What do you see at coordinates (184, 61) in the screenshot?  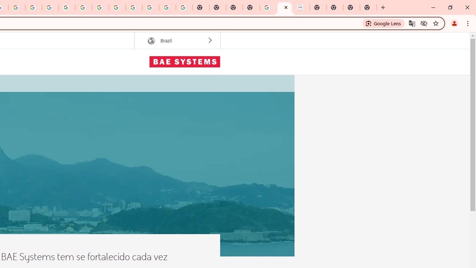 I see `'BAE Systems'` at bounding box center [184, 61].